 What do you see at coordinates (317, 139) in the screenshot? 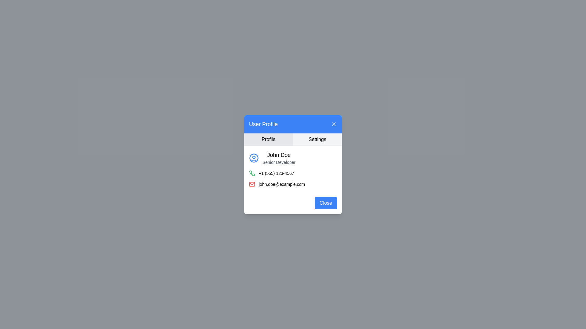
I see `the second tab in the horizontal menu of the 'User Profile' popup dialog to switch views` at bounding box center [317, 139].